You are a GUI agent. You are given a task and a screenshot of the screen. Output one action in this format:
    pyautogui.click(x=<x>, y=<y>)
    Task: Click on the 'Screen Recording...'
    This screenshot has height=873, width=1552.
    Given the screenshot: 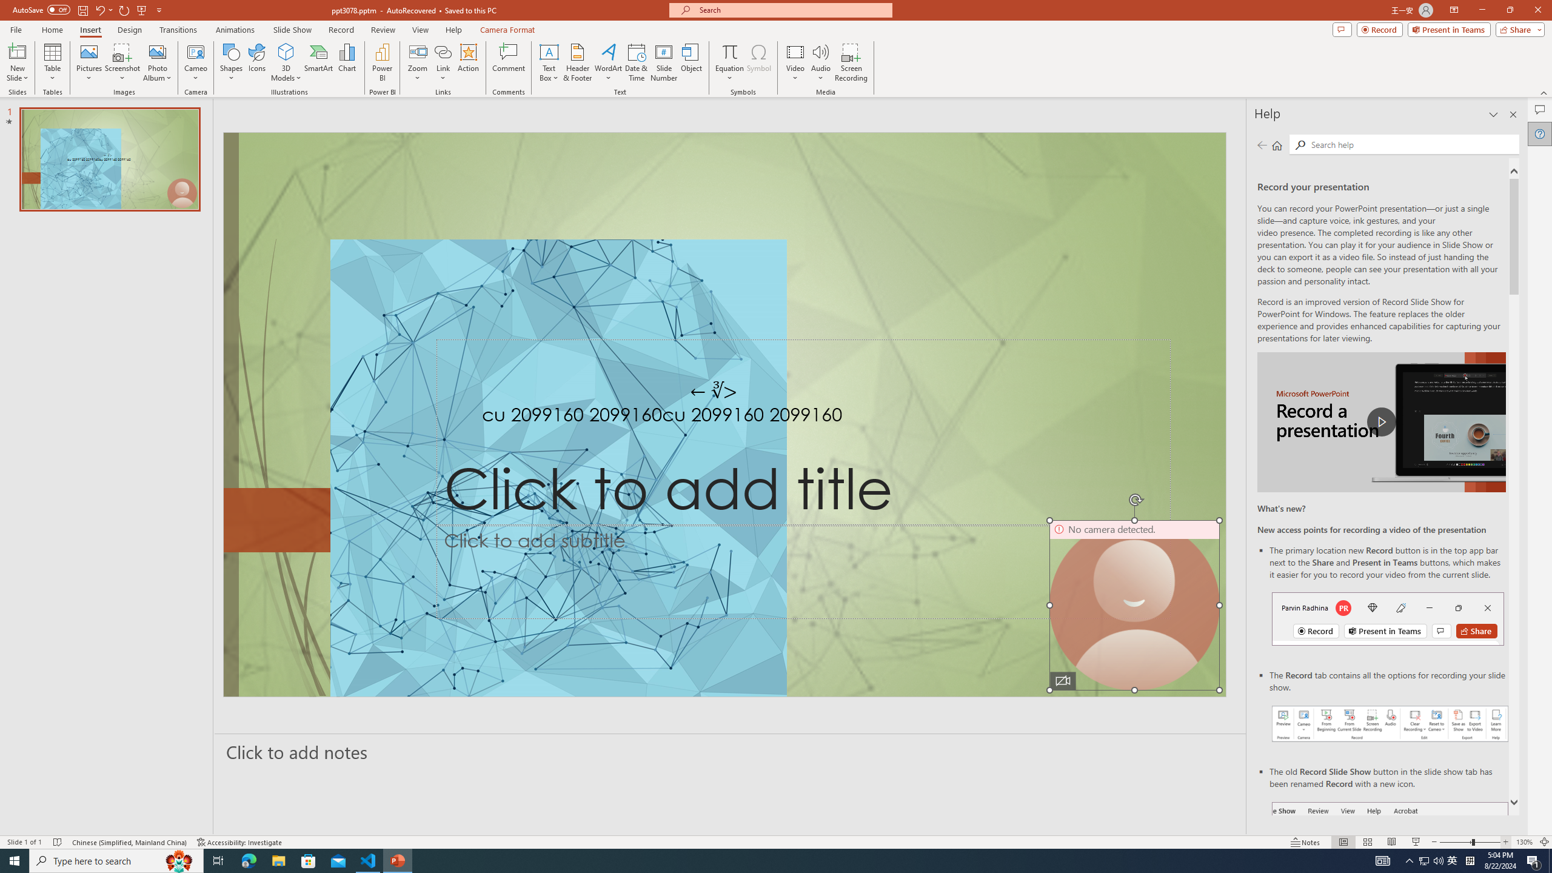 What is the action you would take?
    pyautogui.click(x=851, y=62)
    